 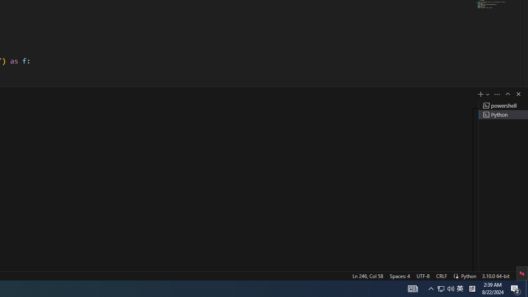 What do you see at coordinates (488, 94) in the screenshot?
I see `'Launch Profile...'` at bounding box center [488, 94].